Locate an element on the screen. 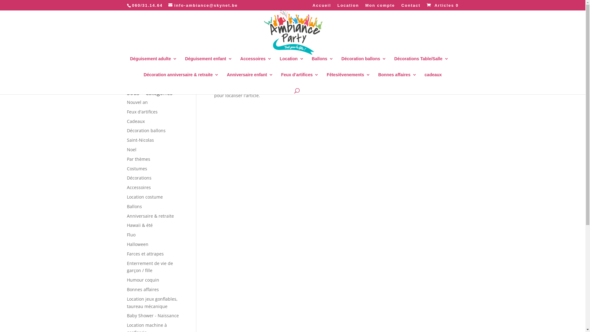  'Accueil' is located at coordinates (321, 7).